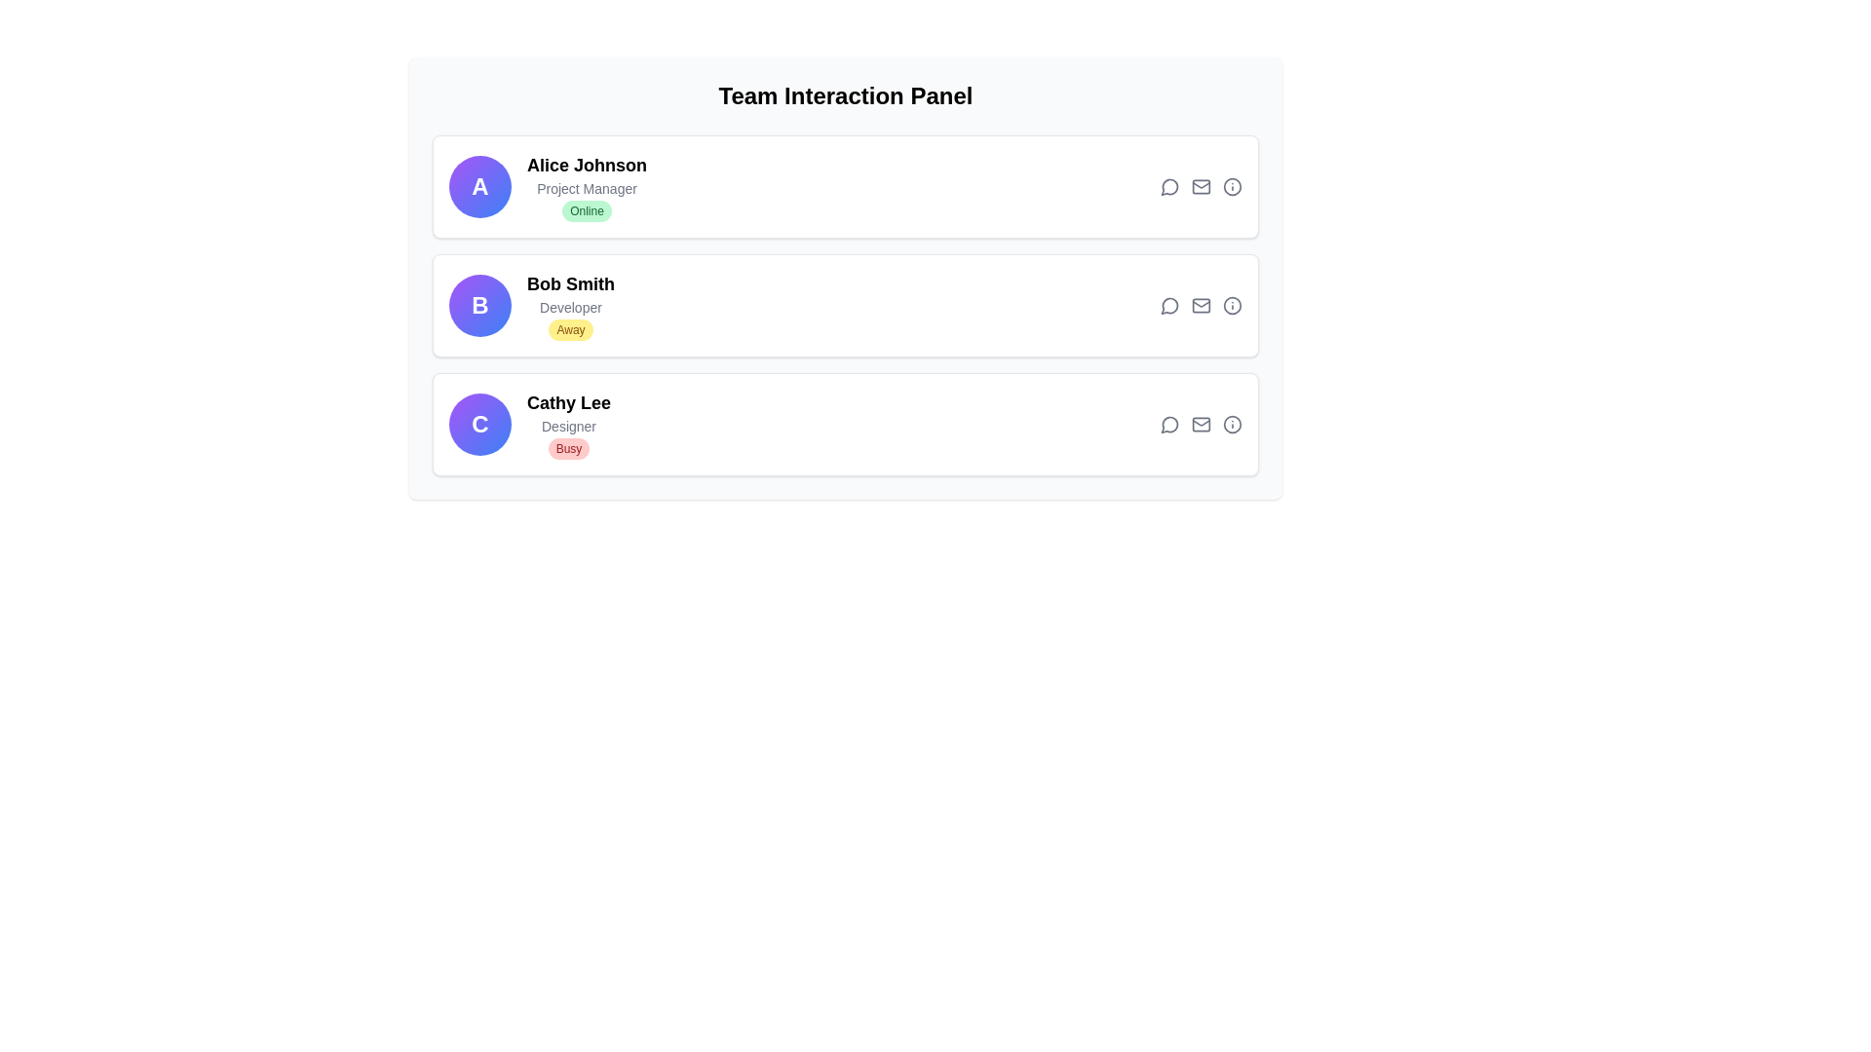  I want to click on the Text and label element representing user Cathy Lee, which is identified by a circular icon with a bold 'C' on the left, located below 'Bob Smith', so click(568, 423).